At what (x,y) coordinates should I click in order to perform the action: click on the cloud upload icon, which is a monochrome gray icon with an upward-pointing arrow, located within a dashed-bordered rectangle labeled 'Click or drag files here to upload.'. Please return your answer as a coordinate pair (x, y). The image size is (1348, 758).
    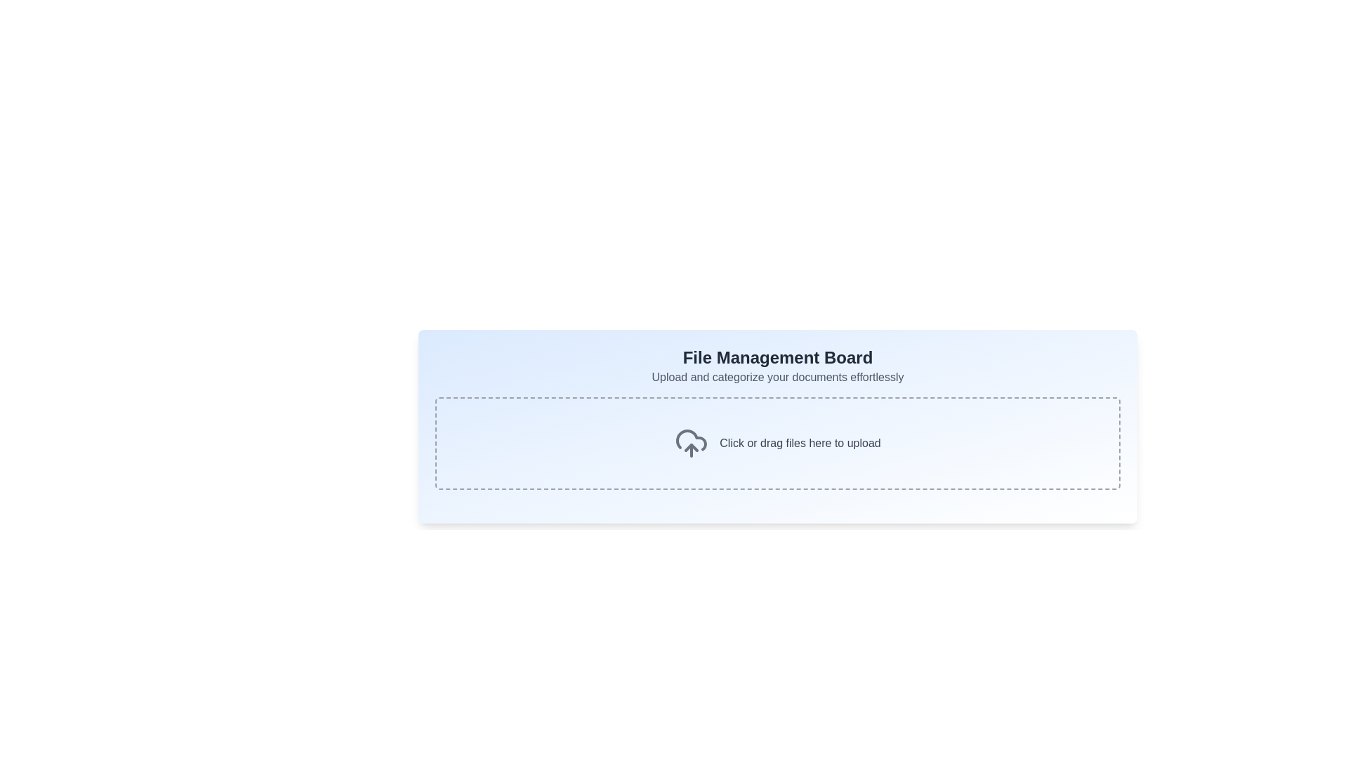
    Looking at the image, I should click on (692, 444).